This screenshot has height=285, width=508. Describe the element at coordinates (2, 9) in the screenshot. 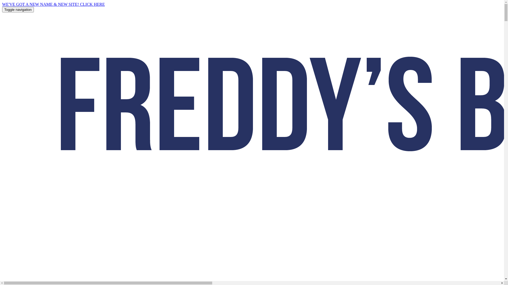

I see `'Toggle navigation'` at that location.